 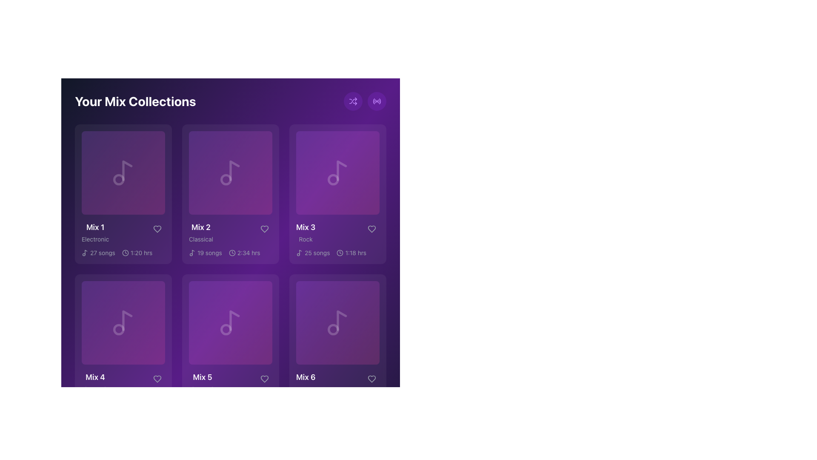 I want to click on the clock icon located in the bottom right section of the 'Mix 3' card, which is next to the text '1:18 hrs', so click(x=340, y=253).